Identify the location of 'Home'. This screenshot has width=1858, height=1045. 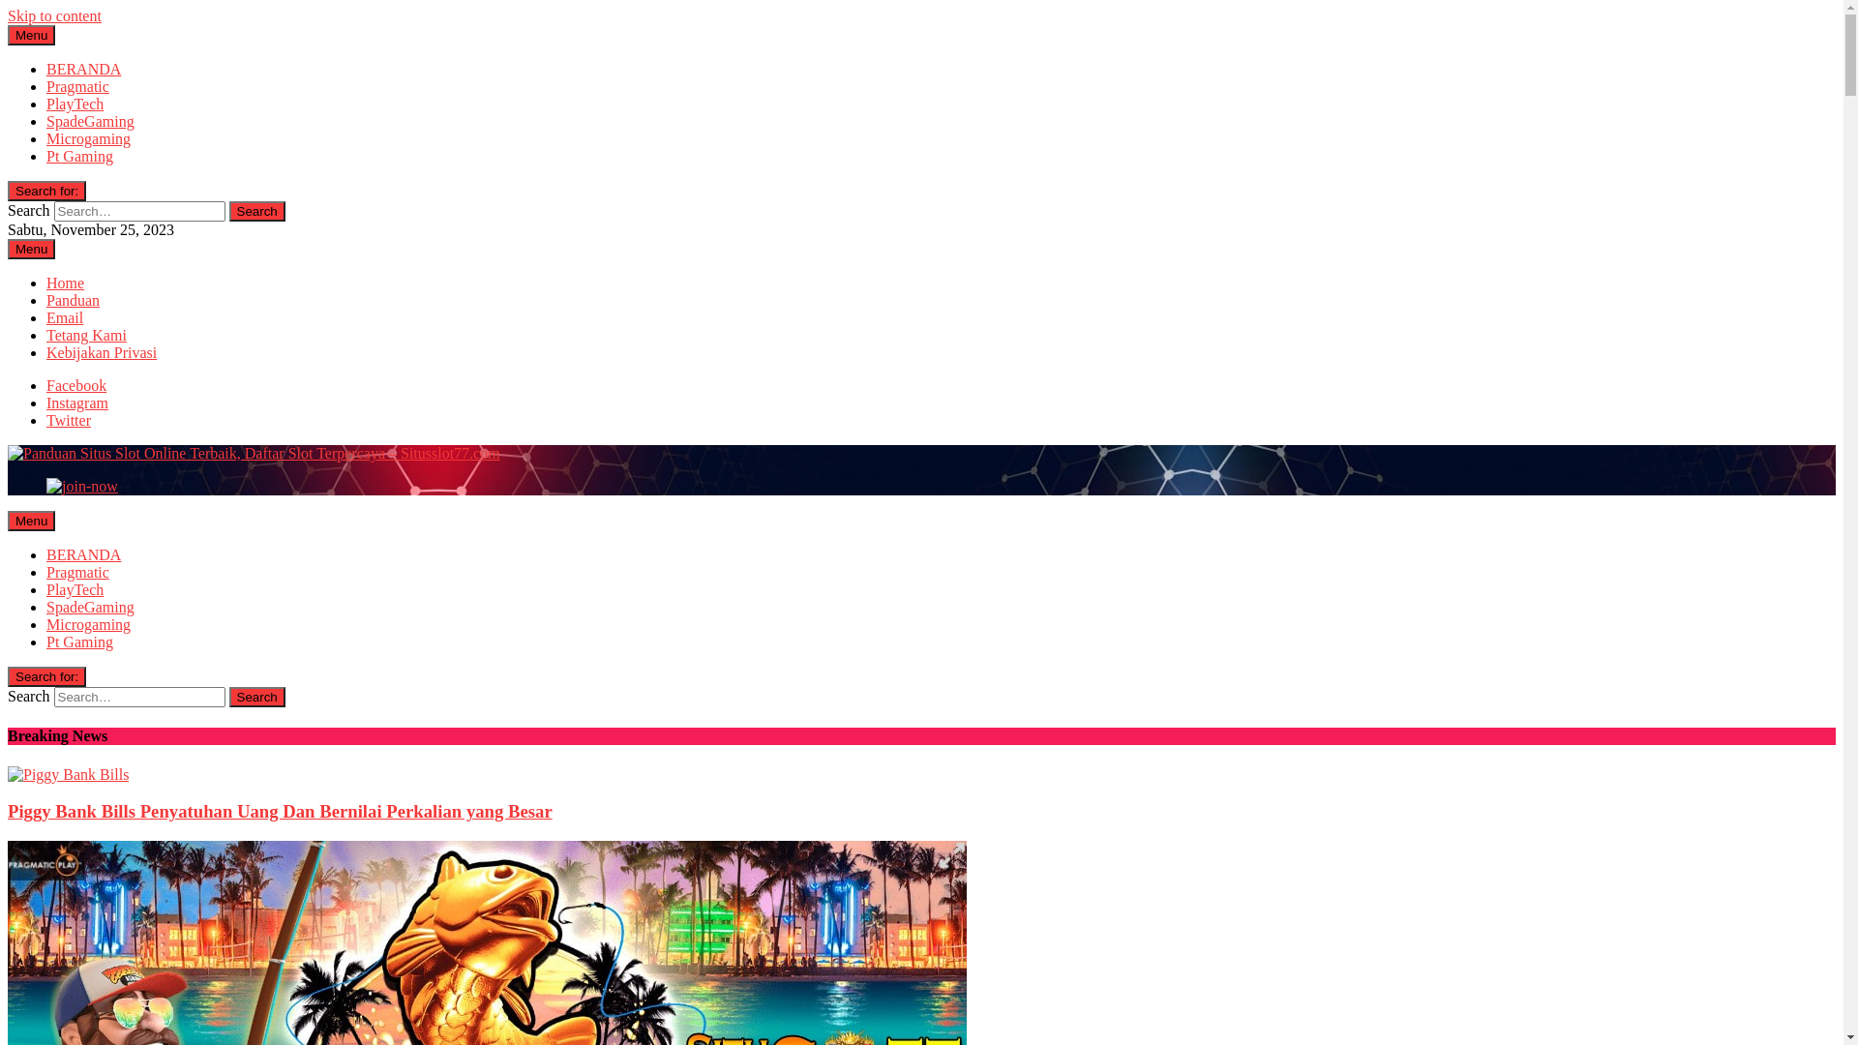
(65, 283).